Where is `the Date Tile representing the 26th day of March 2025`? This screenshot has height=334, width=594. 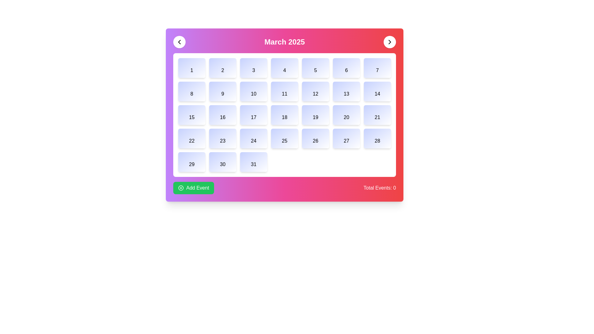 the Date Tile representing the 26th day of March 2025 is located at coordinates (315, 138).